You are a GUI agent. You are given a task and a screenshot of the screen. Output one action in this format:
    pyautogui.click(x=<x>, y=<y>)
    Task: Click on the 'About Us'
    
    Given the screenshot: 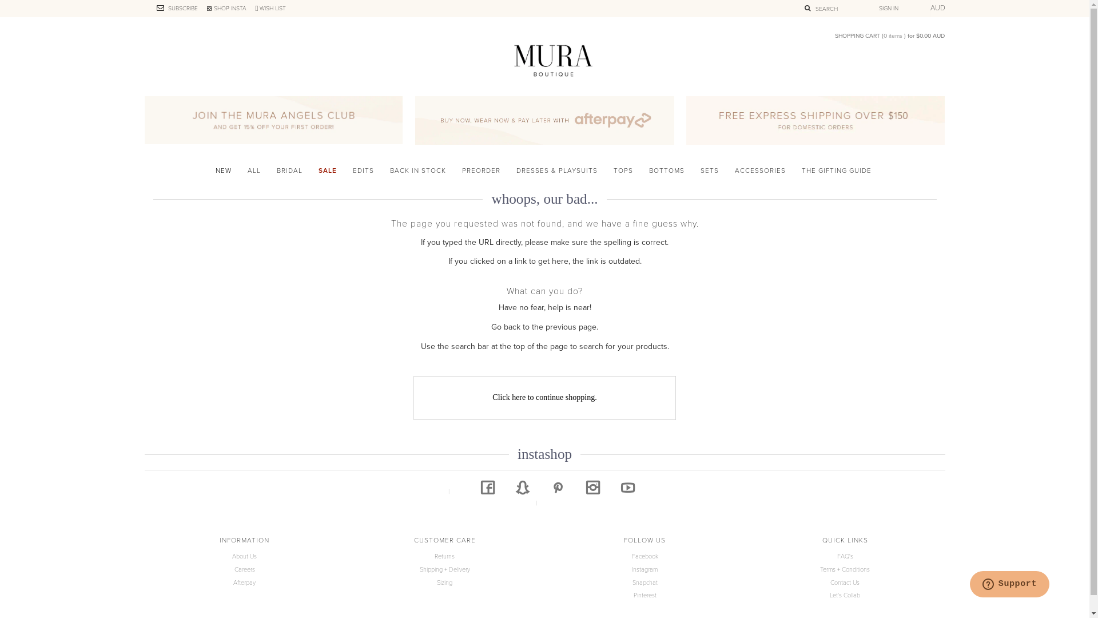 What is the action you would take?
    pyautogui.click(x=244, y=556)
    